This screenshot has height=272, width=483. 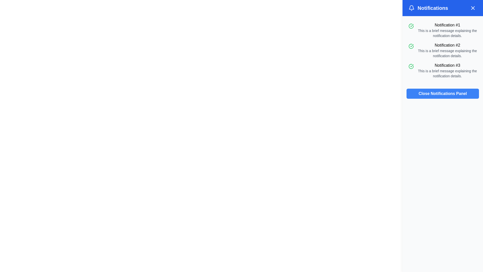 I want to click on the confirmation check icon located to the left of the text describing 'Notification #2' in the notification panel, so click(x=412, y=25).